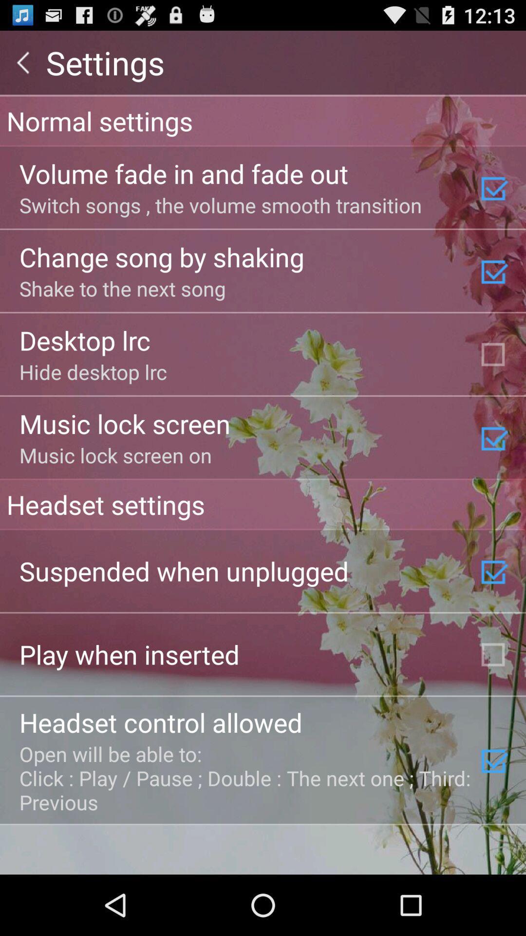  I want to click on the app next to the settings item, so click(22, 62).